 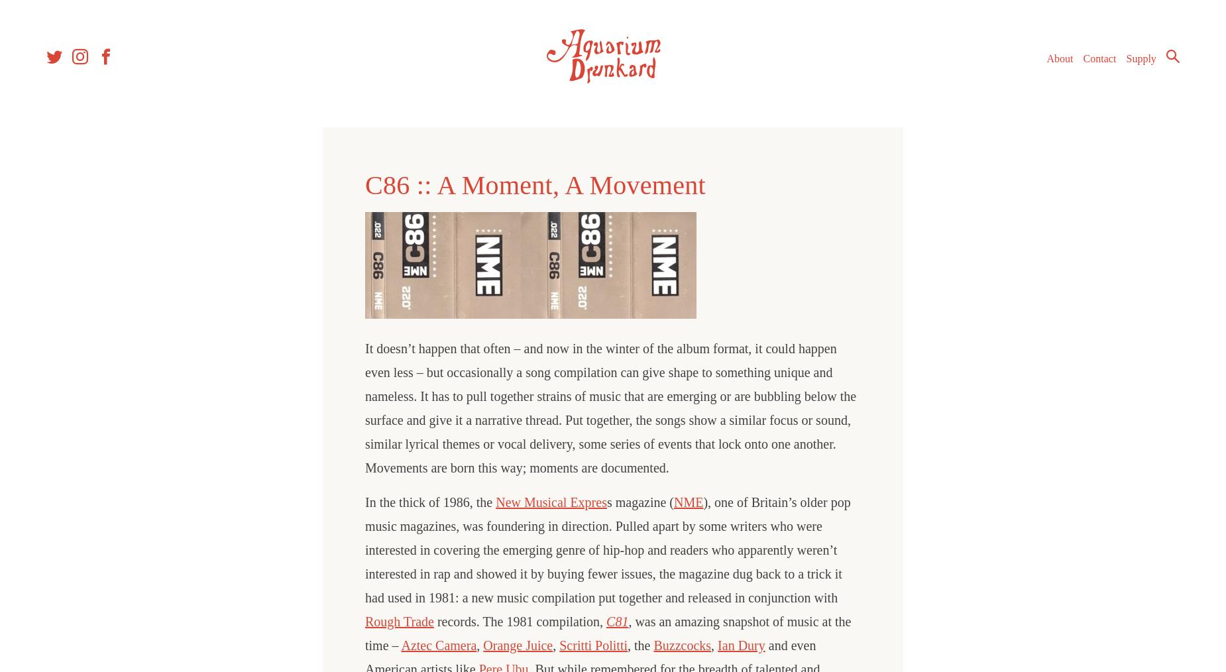 What do you see at coordinates (438, 645) in the screenshot?
I see `'Aztec Camera'` at bounding box center [438, 645].